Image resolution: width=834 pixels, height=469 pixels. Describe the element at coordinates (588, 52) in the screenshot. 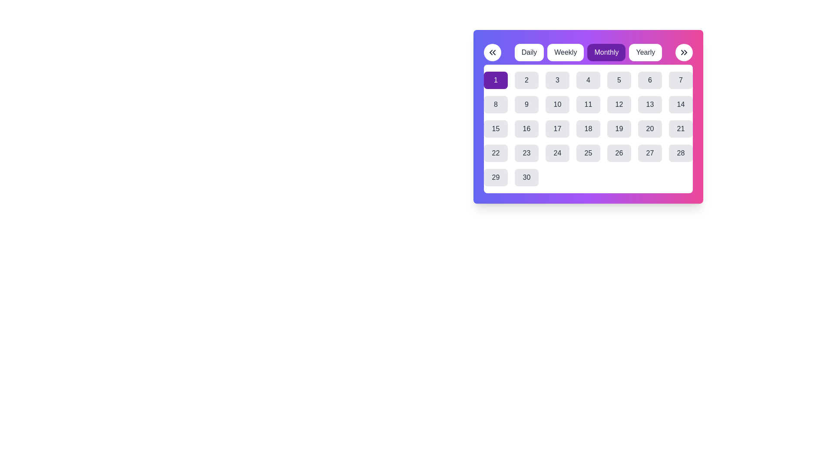

I see `the 'Monthly' button in the horizontal group of view options` at that location.